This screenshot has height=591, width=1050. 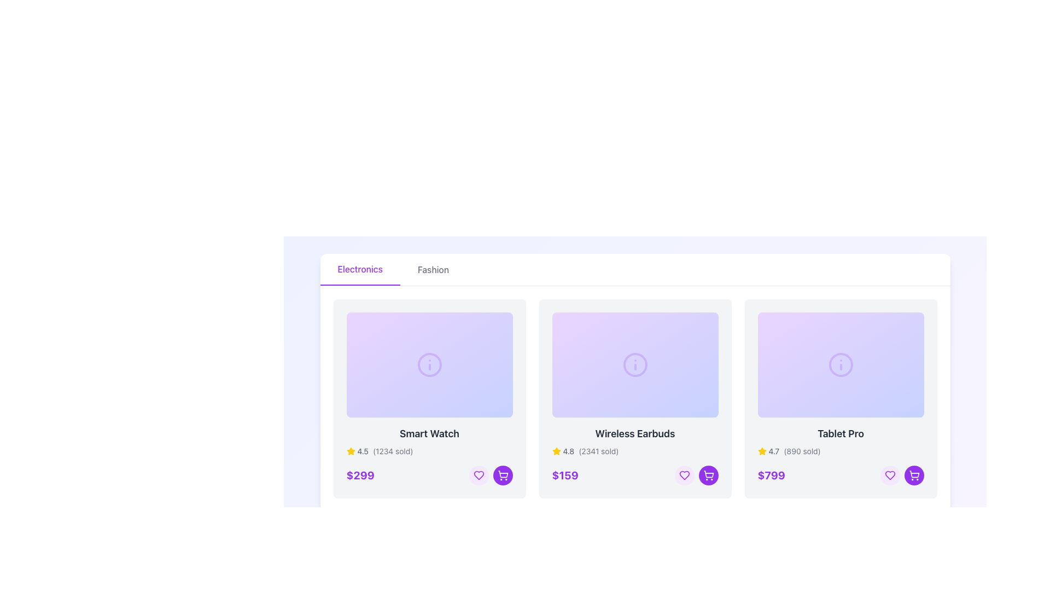 I want to click on the 'Add to Cart' button located at the bottom-right of the product card for 'Wireless Earbuds'. This button is the second in a horizontal group of buttons, so click(x=502, y=474).